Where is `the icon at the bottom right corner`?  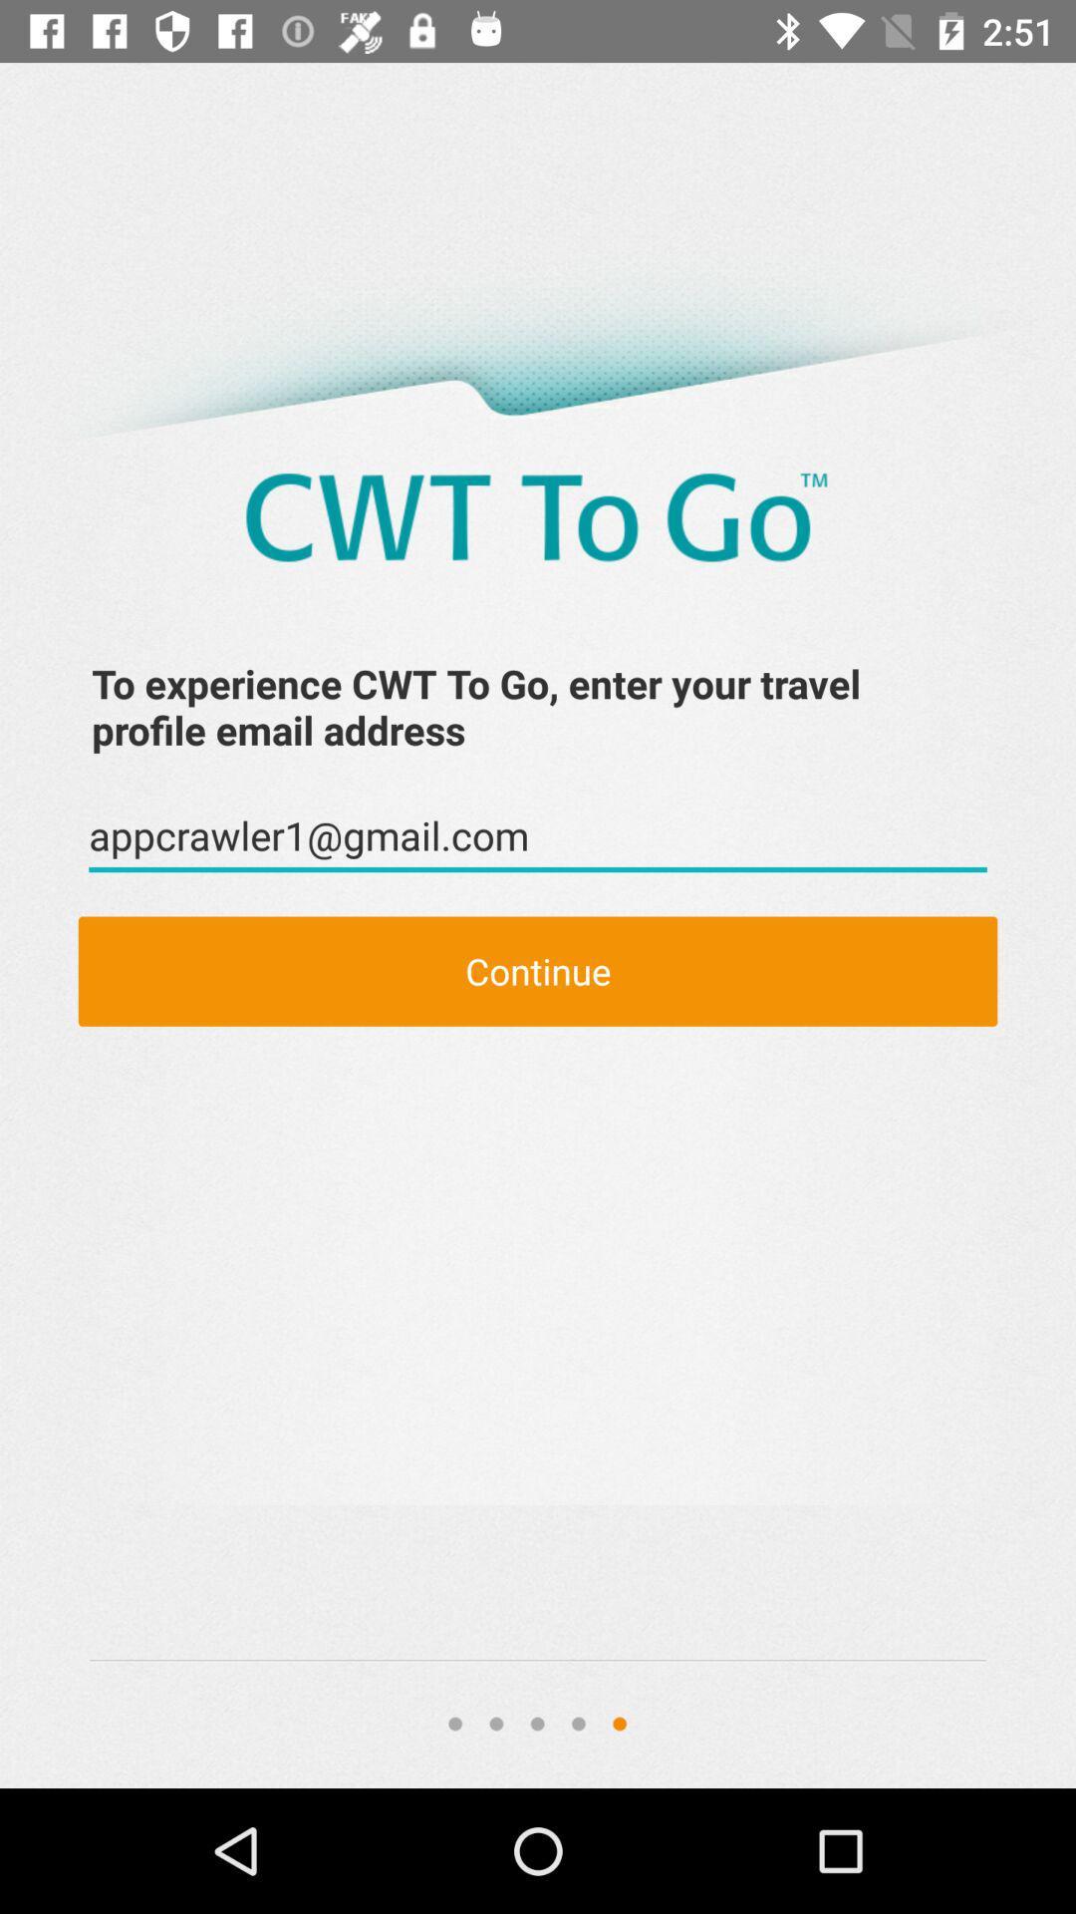 the icon at the bottom right corner is located at coordinates (967, 1723).